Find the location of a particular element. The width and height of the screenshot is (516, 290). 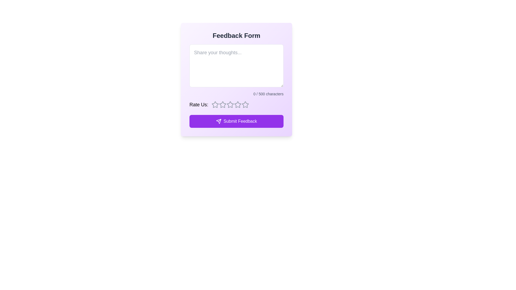

the first star is located at coordinates (215, 104).